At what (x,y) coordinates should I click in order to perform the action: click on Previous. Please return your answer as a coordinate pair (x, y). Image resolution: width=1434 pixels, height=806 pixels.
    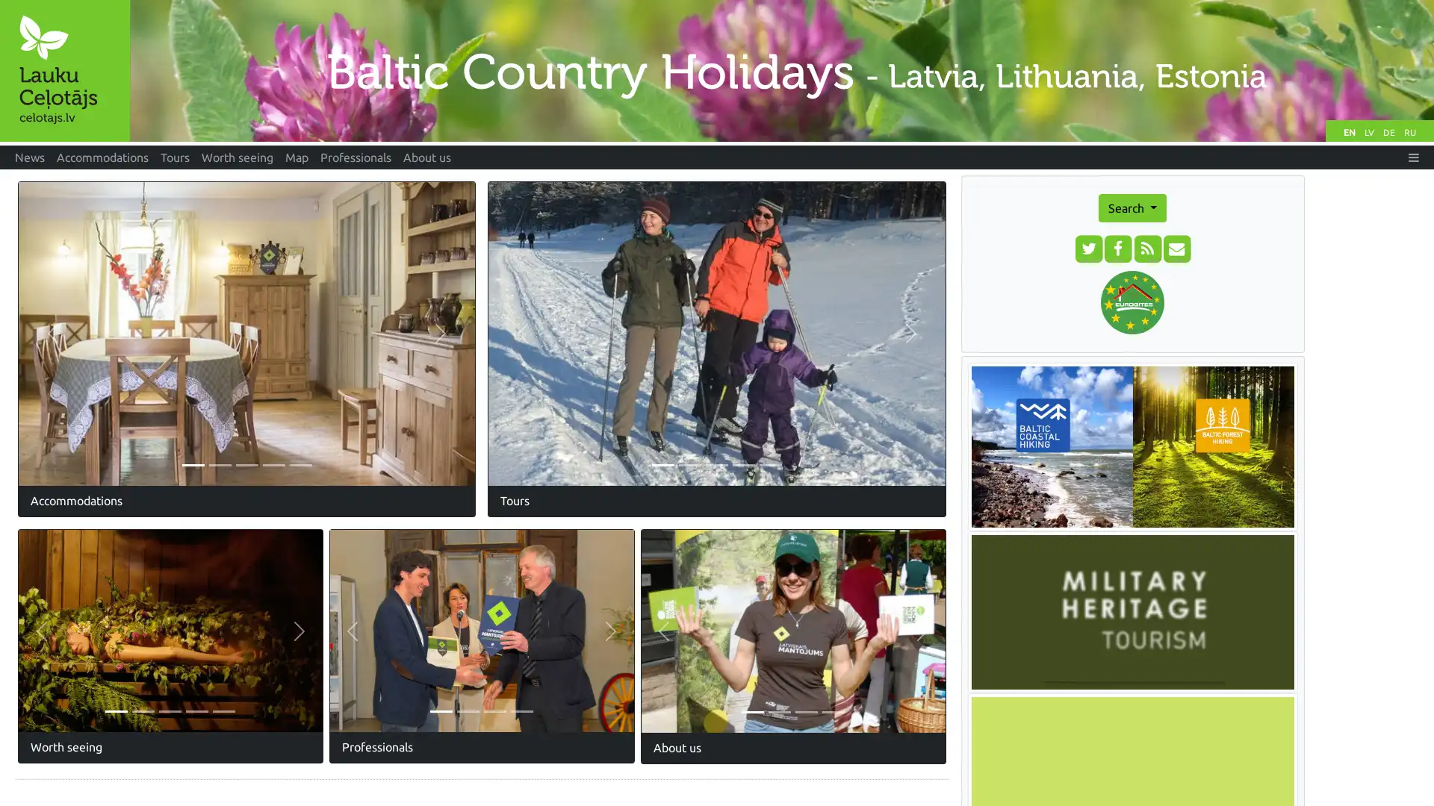
    Looking at the image, I should click on (662, 631).